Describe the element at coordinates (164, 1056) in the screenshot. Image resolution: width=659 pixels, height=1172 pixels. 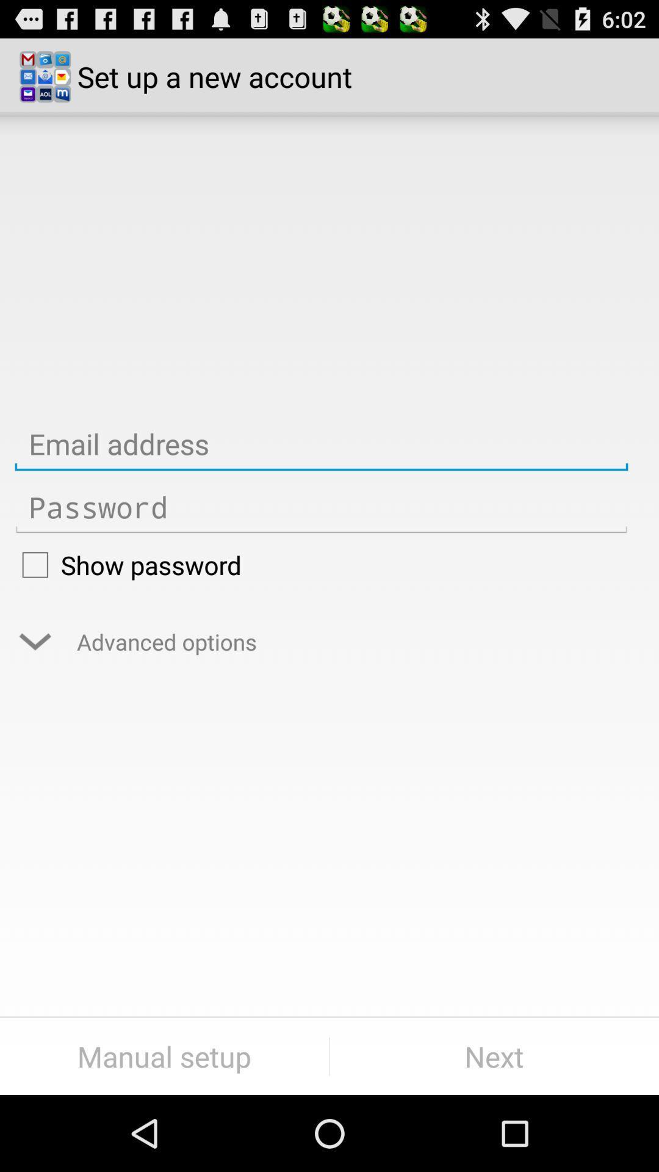
I see `the button next to the next item` at that location.